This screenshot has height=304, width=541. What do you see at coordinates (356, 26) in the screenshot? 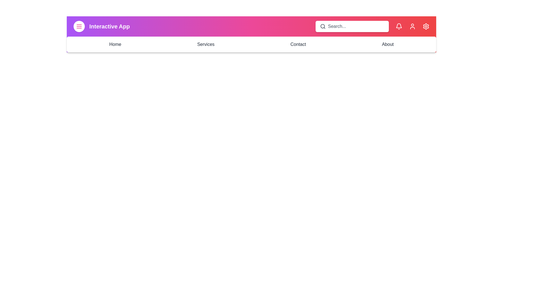
I see `the search input field and type 25` at bounding box center [356, 26].